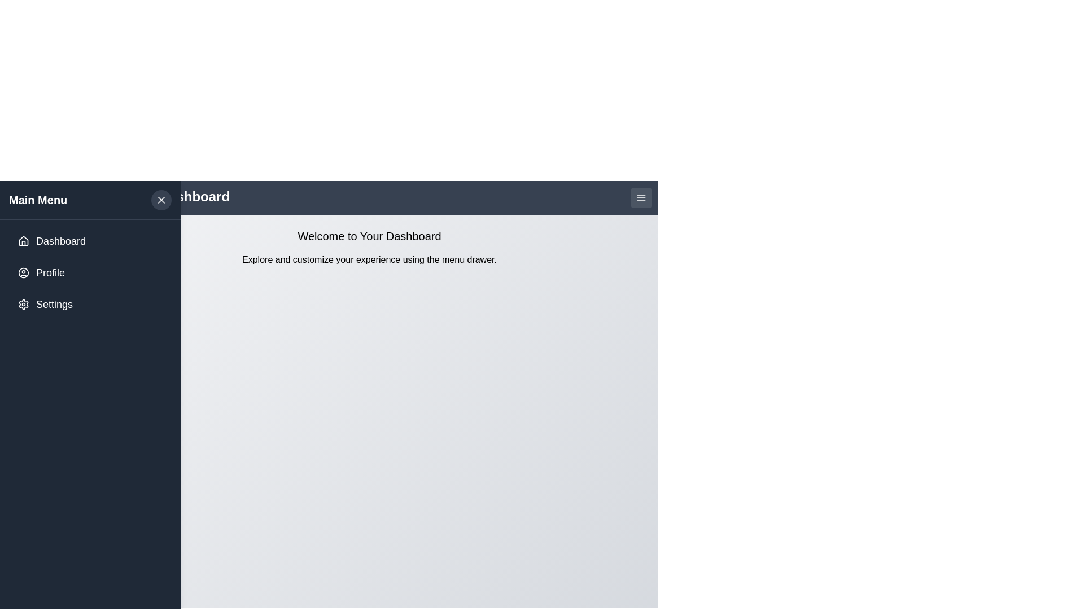 The image size is (1084, 609). Describe the element at coordinates (24, 304) in the screenshot. I see `the design of the 'Settings' icon located in the left-side navigation menu, which visually represents the configuration functionality` at that location.